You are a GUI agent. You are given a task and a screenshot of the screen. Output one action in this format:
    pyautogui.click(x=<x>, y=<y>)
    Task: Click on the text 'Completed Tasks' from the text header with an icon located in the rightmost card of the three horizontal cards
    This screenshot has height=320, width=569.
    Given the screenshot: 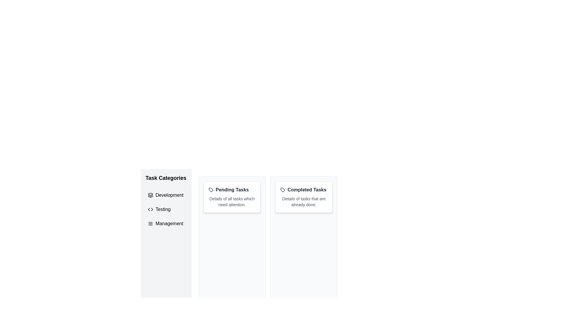 What is the action you would take?
    pyautogui.click(x=304, y=190)
    